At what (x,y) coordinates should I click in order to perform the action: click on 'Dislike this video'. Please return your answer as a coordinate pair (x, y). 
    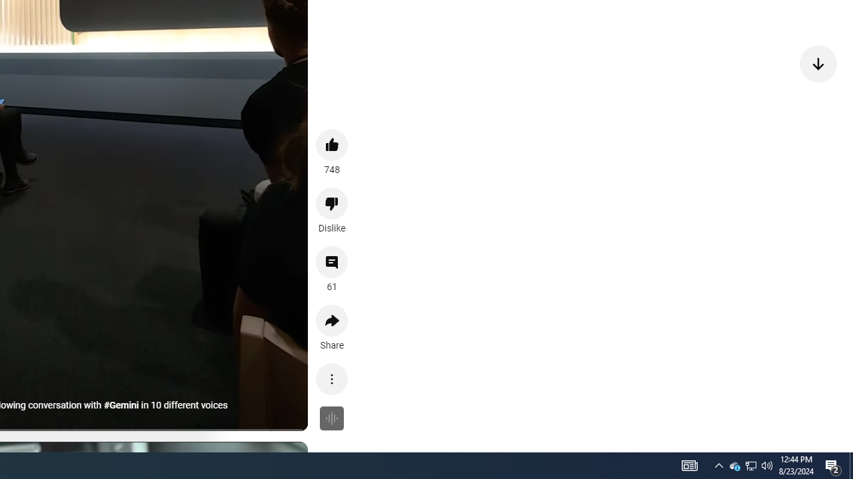
    Looking at the image, I should click on (332, 204).